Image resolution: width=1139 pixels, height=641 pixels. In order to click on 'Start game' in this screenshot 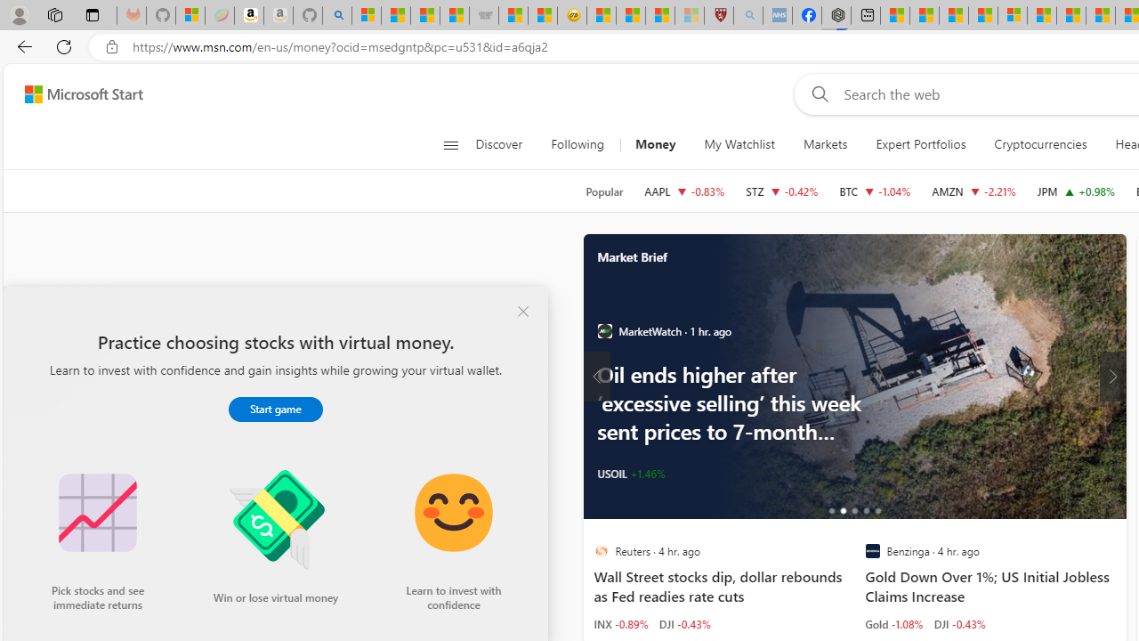, I will do `click(275, 409)`.